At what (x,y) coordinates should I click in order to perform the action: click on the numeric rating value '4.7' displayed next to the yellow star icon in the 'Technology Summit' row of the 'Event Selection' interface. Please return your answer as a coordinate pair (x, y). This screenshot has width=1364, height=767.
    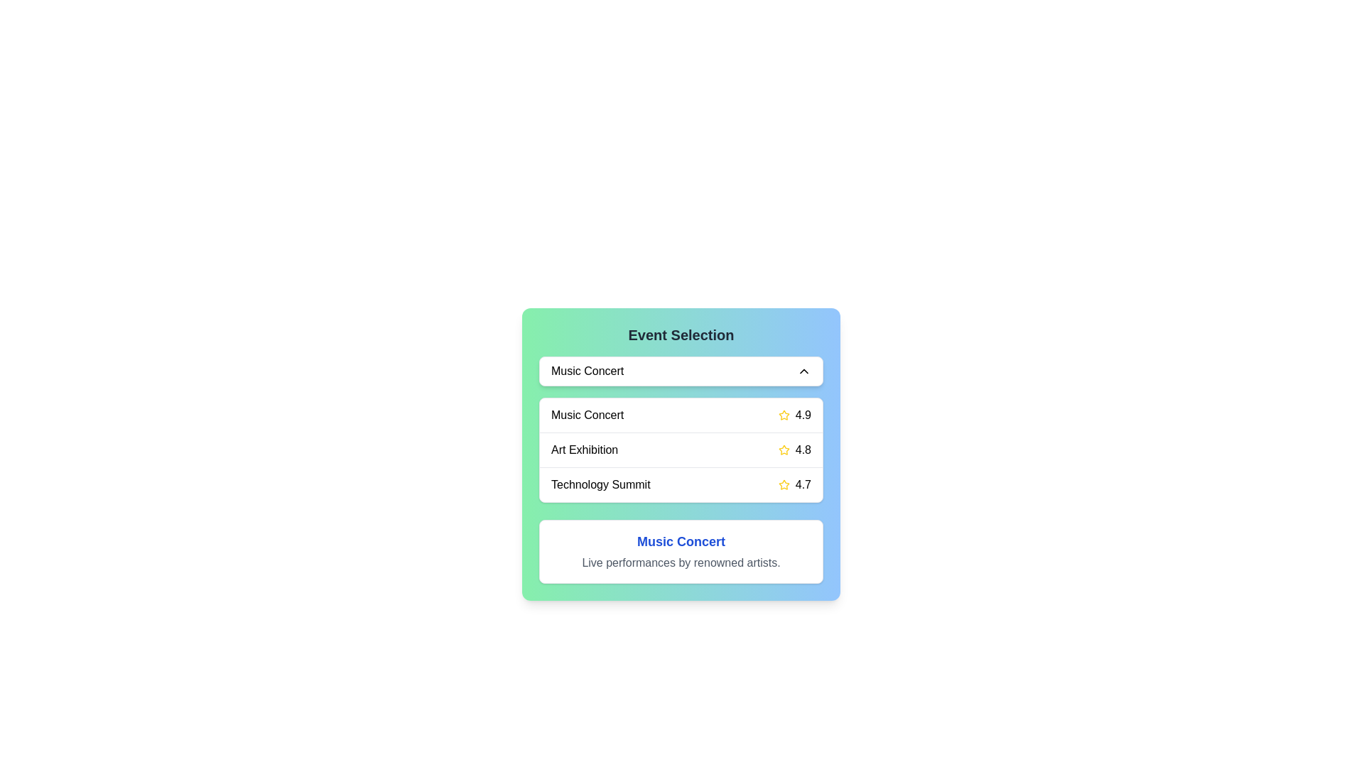
    Looking at the image, I should click on (794, 484).